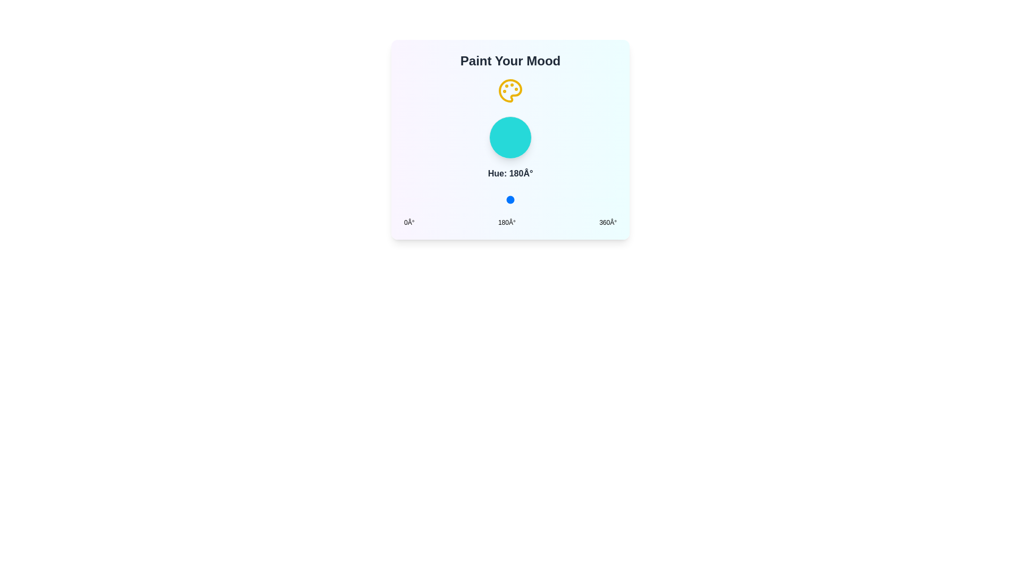 The width and height of the screenshot is (1021, 574). What do you see at coordinates (502, 199) in the screenshot?
I see `the hue slider to set the hue to 167 degrees` at bounding box center [502, 199].